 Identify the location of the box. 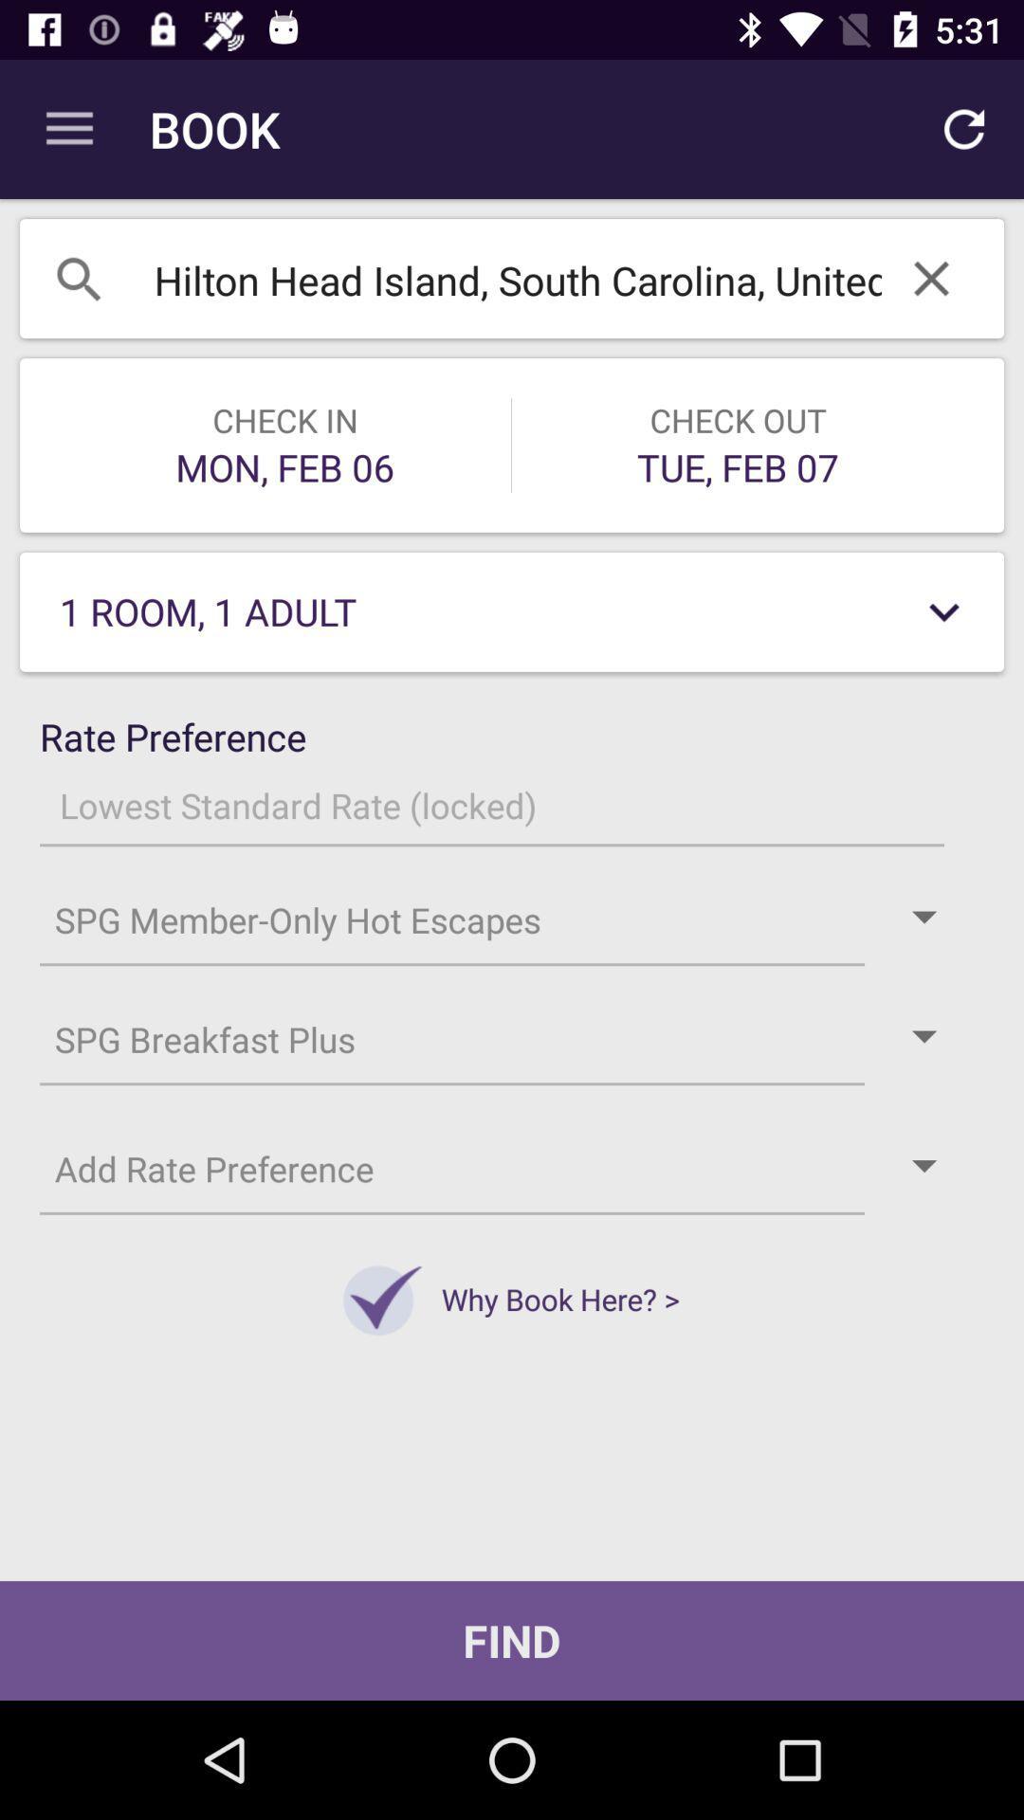
(930, 277).